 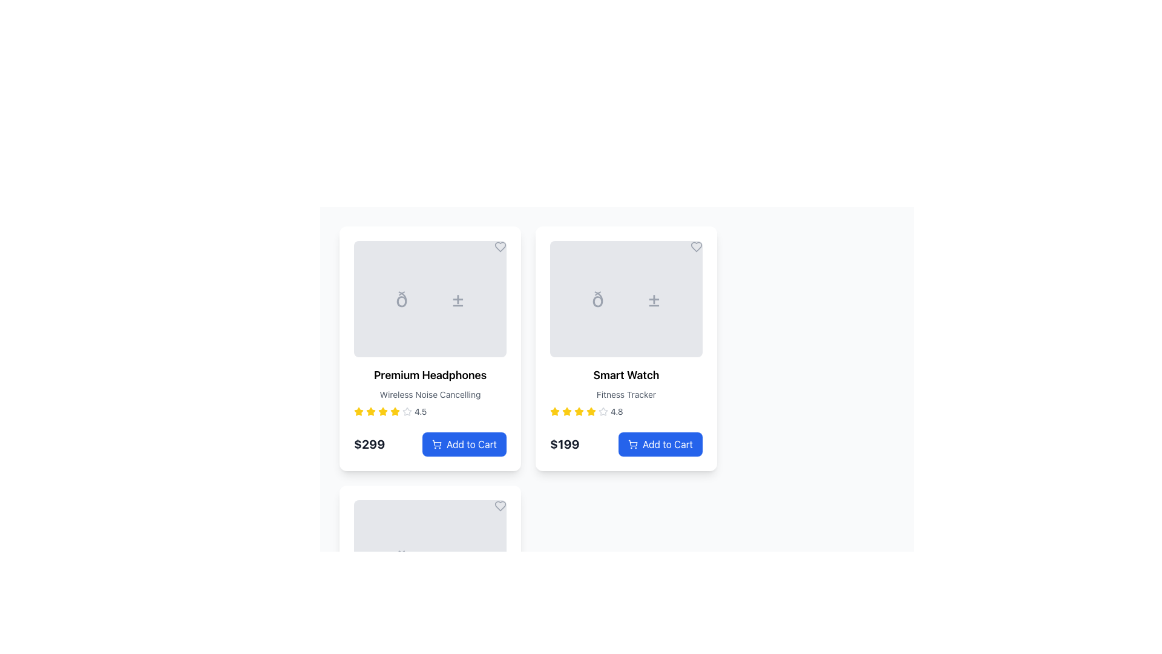 I want to click on the visual representation of the rating by clicking on the first star icon displayed below the item labeled 'Premium Headphones' in the '4.5' rating component, so click(x=358, y=411).